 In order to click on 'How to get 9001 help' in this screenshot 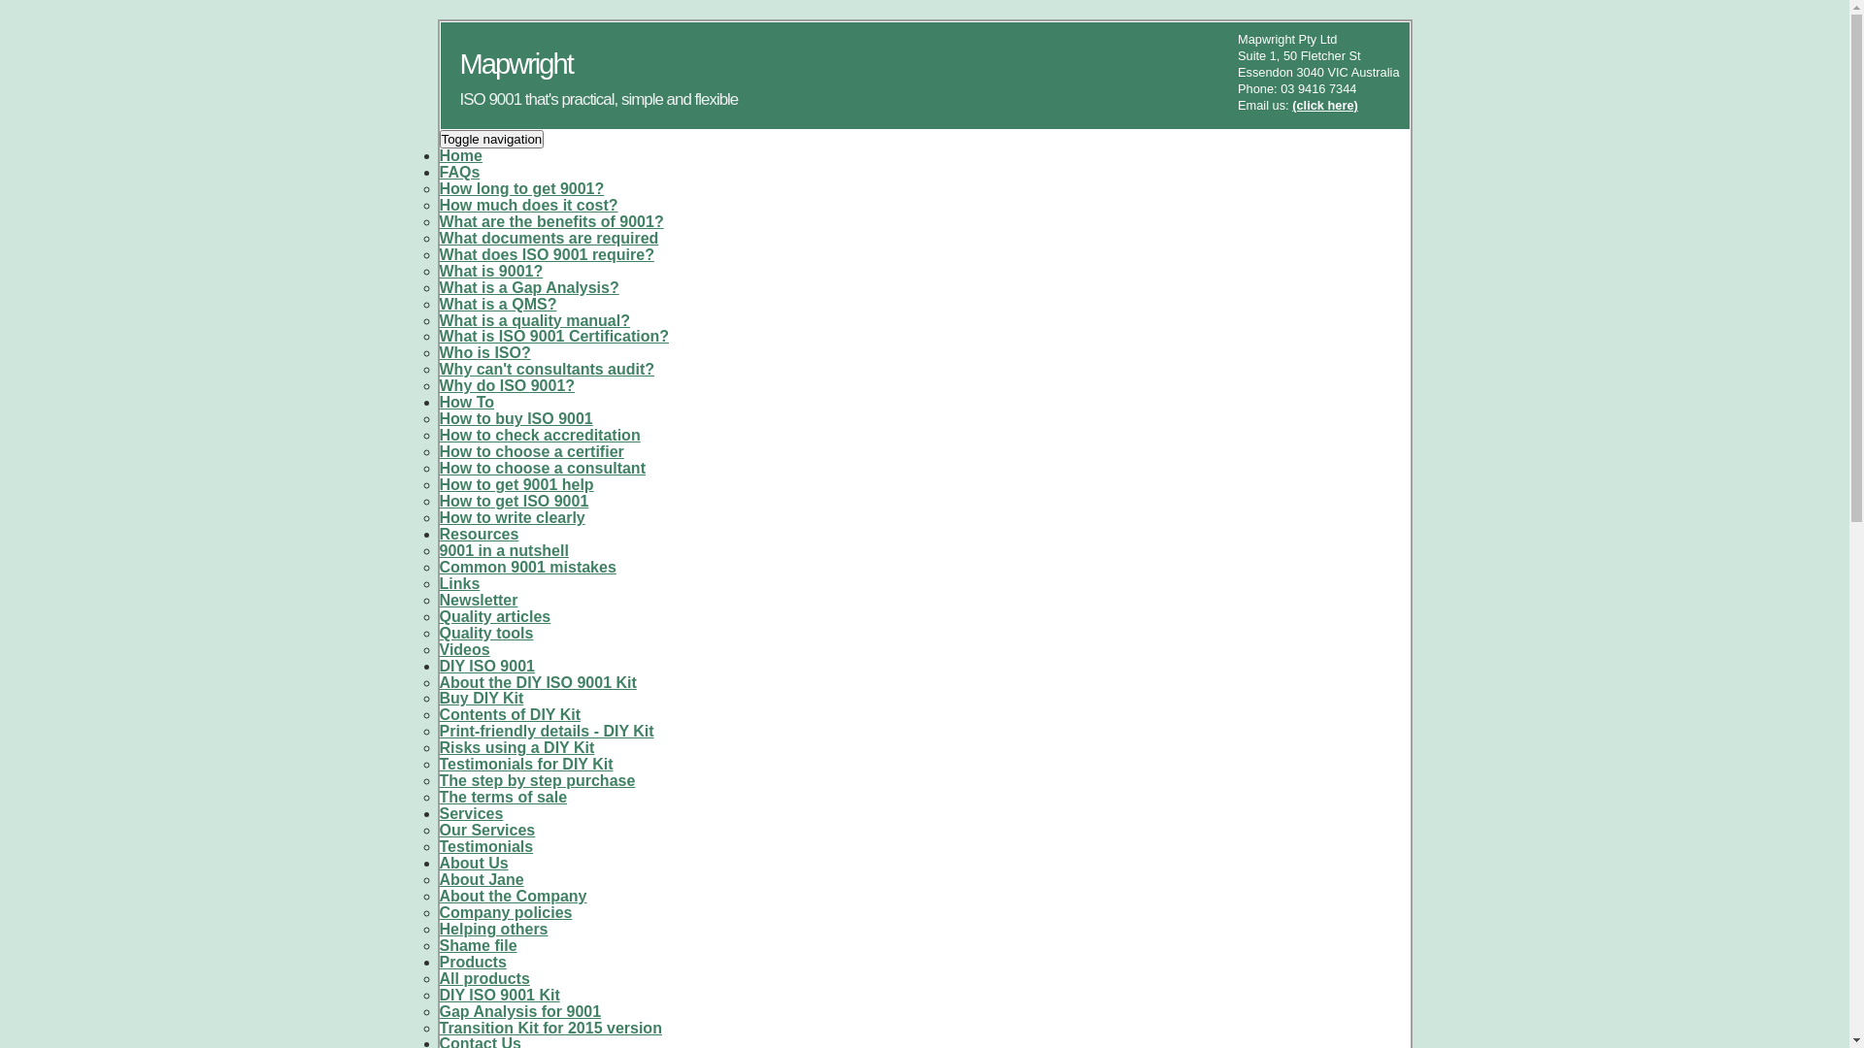, I will do `click(516, 483)`.